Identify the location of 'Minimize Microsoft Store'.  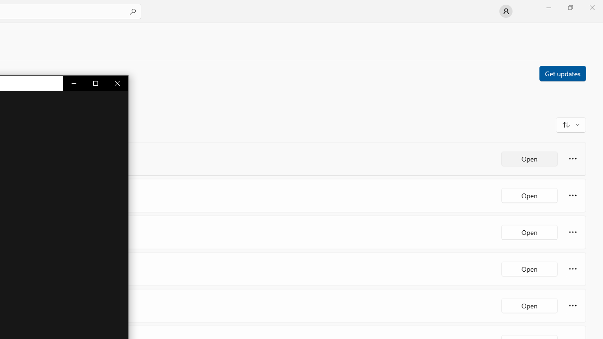
(548, 7).